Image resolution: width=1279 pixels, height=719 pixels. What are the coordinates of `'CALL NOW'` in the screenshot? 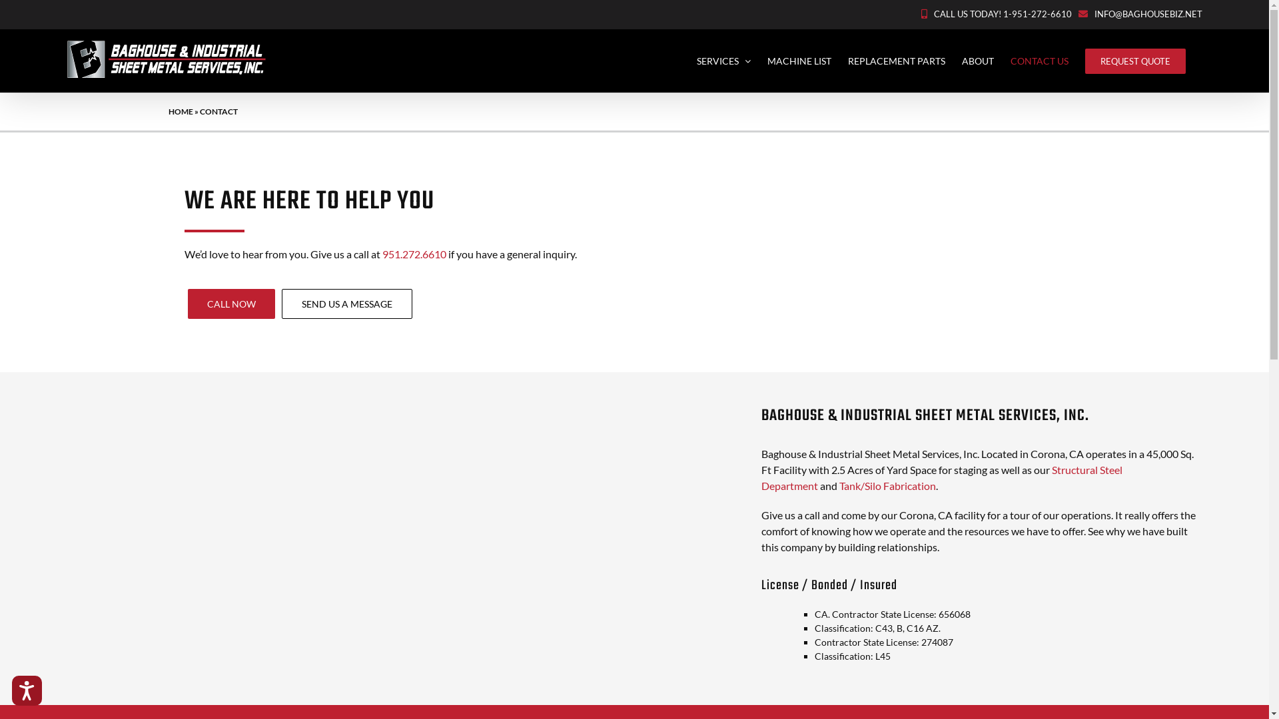 It's located at (231, 304).